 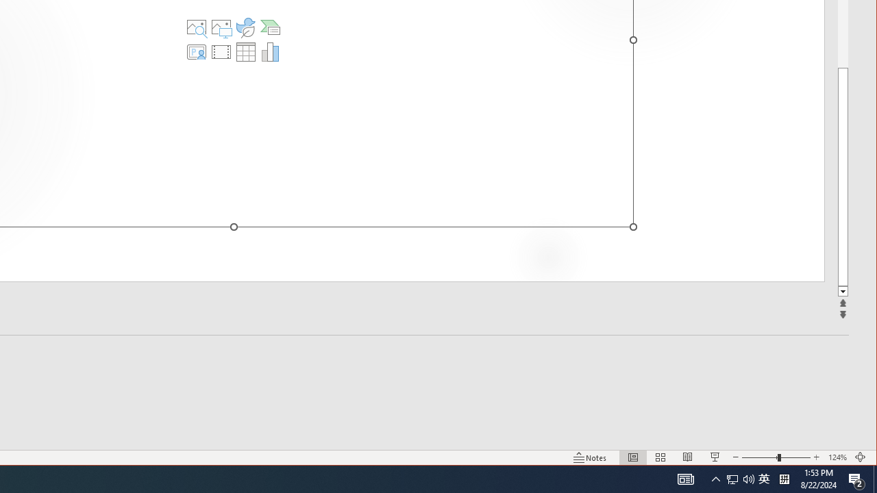 What do you see at coordinates (837, 457) in the screenshot?
I see `'Zoom 124%'` at bounding box center [837, 457].